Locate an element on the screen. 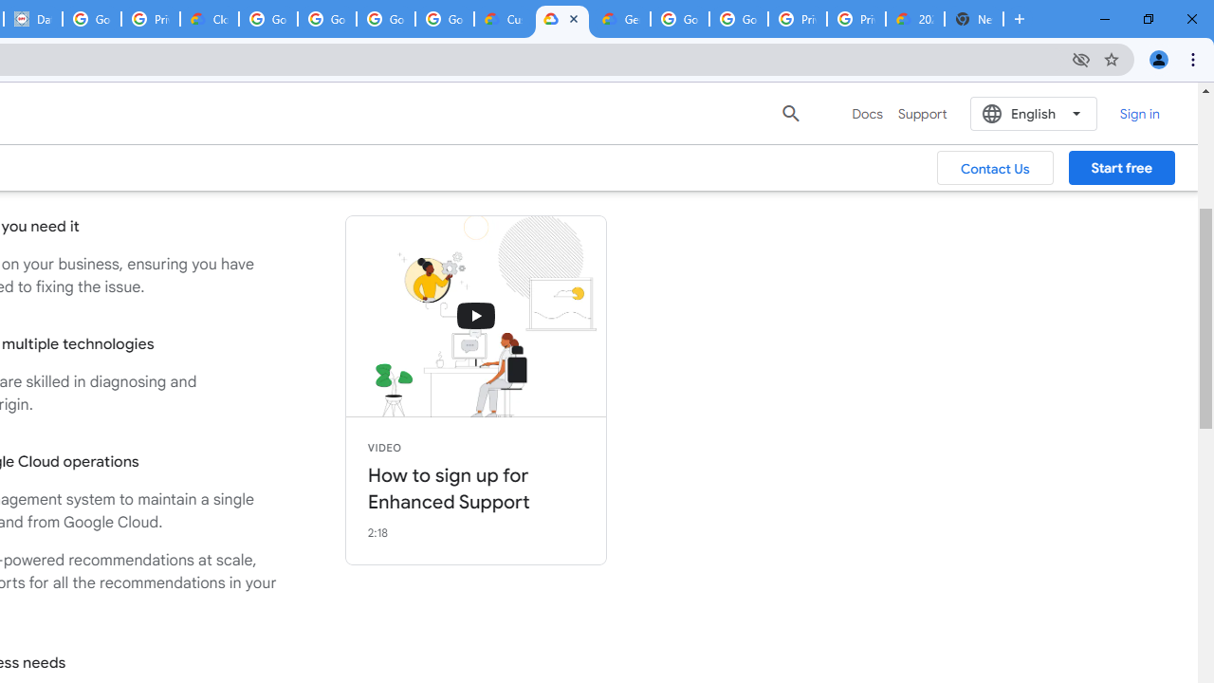 Image resolution: width=1214 pixels, height=683 pixels. 'Support' is located at coordinates (922, 113).